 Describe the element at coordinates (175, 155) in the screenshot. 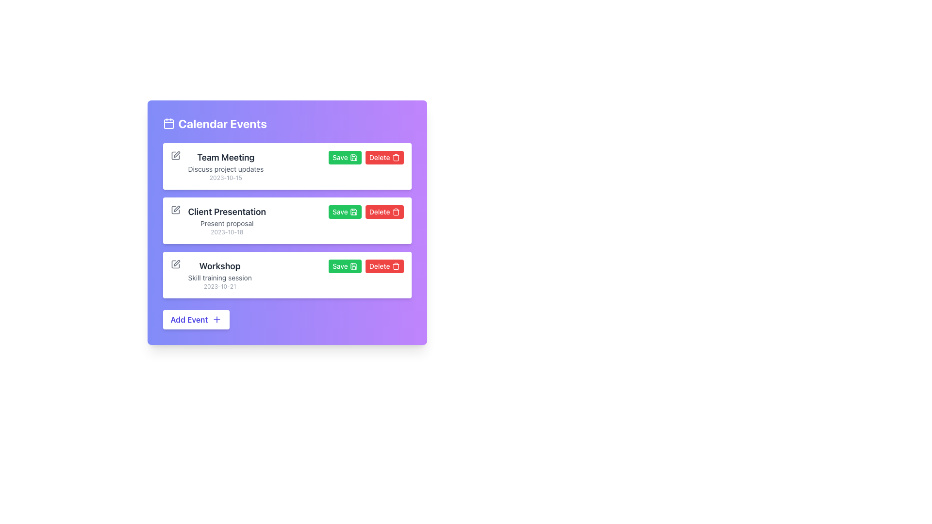

I see `the editing icon associated with the 'Team Meeting' event to initiate the edit functionality` at that location.